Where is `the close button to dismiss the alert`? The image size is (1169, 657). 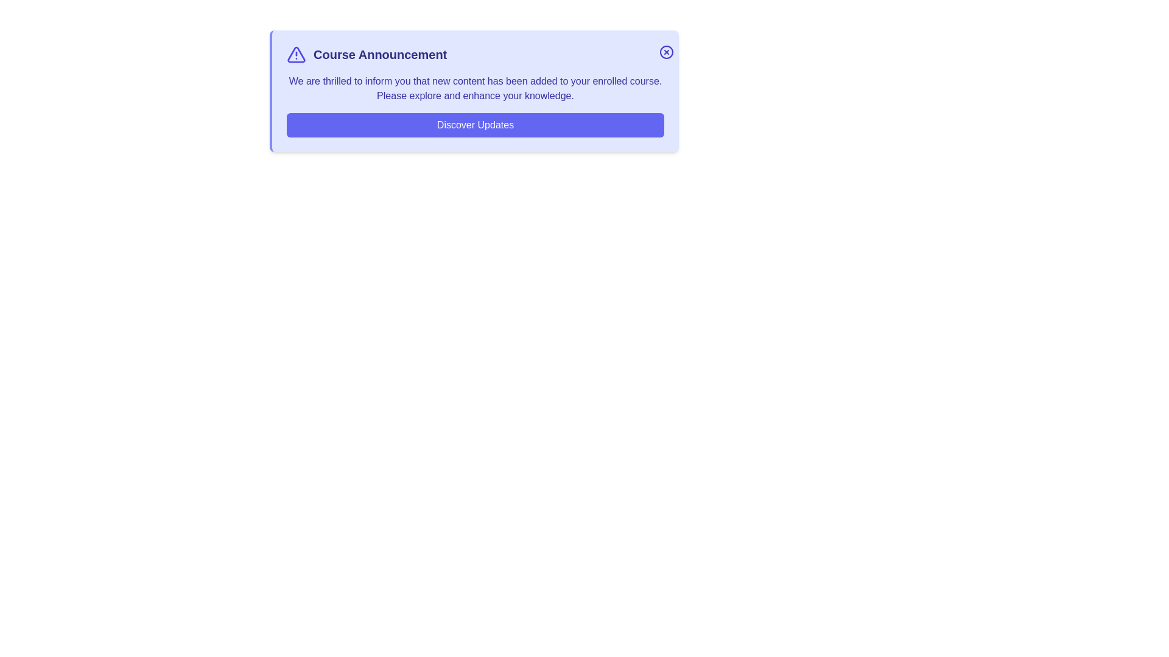
the close button to dismiss the alert is located at coordinates (665, 51).